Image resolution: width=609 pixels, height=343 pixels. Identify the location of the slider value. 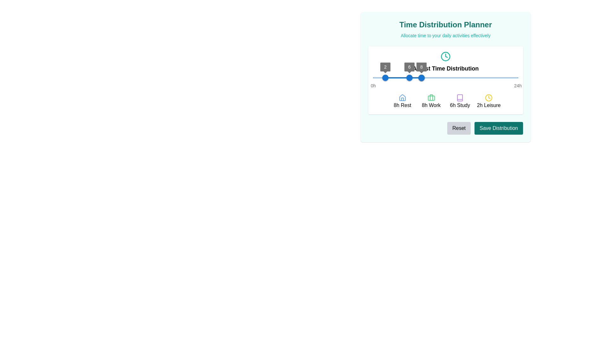
(385, 77).